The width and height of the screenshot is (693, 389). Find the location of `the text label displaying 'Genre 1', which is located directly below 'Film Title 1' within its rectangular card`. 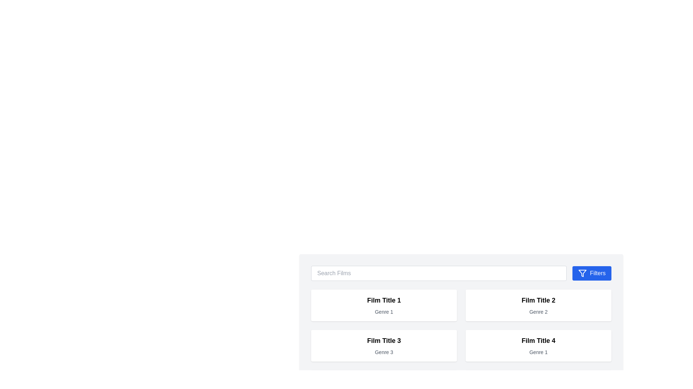

the text label displaying 'Genre 1', which is located directly below 'Film Title 1' within its rectangular card is located at coordinates (384, 312).